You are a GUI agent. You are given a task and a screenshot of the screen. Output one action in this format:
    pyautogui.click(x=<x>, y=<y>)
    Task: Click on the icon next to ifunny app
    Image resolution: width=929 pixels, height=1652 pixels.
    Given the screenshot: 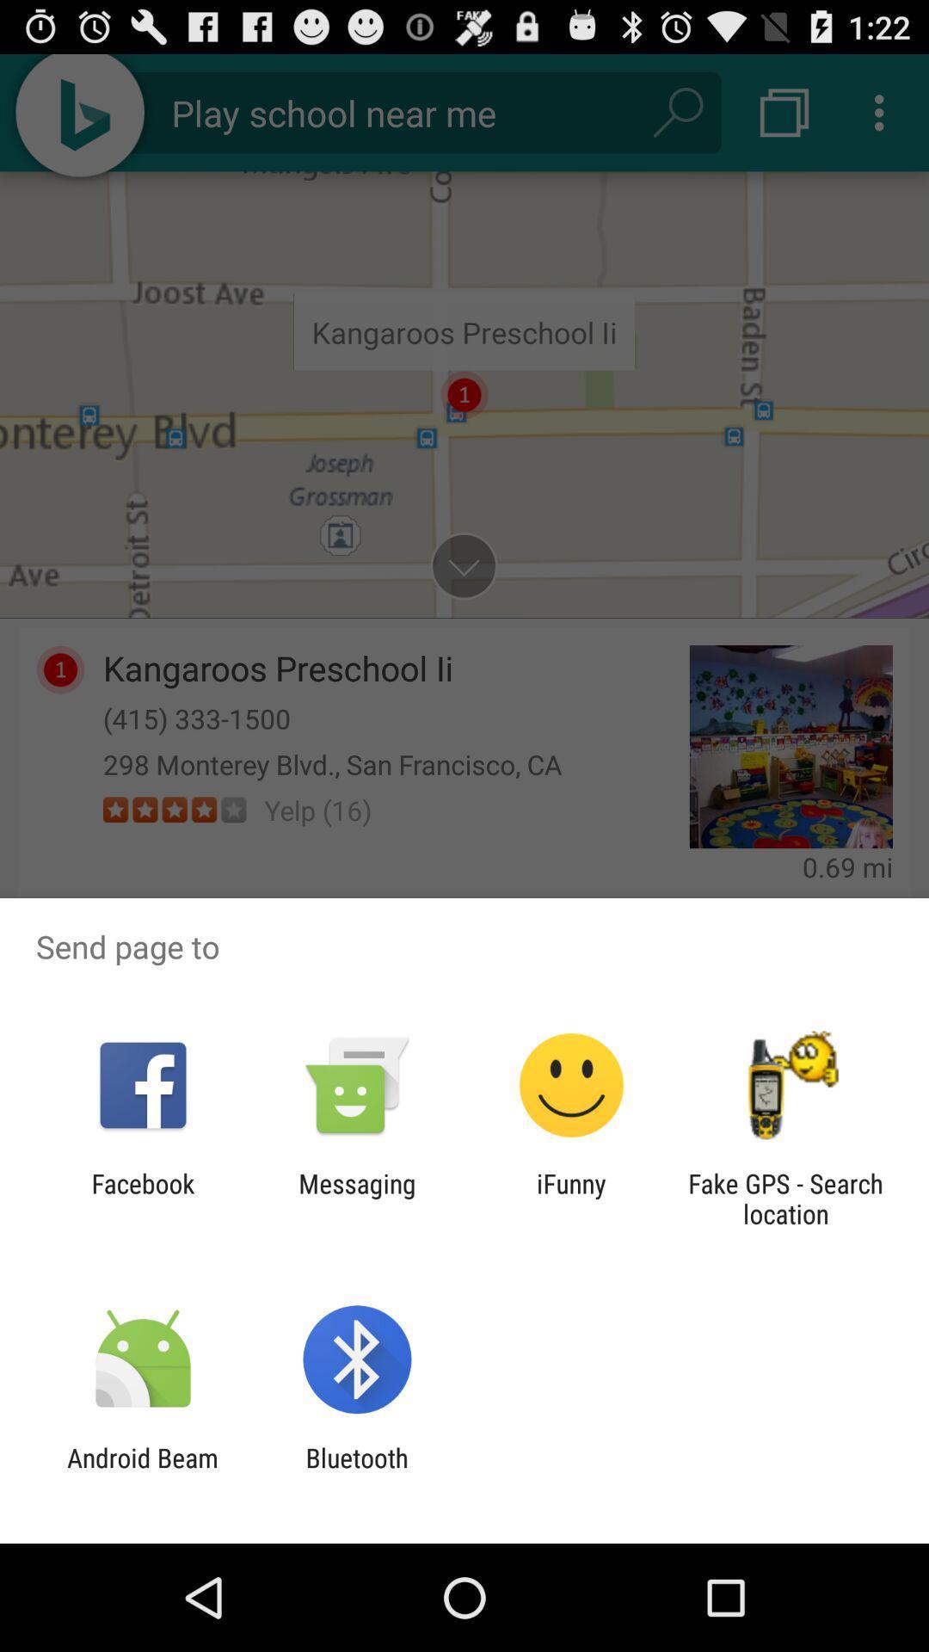 What is the action you would take?
    pyautogui.click(x=785, y=1198)
    